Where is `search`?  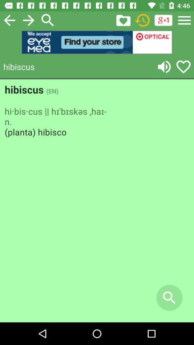 search is located at coordinates (48, 20).